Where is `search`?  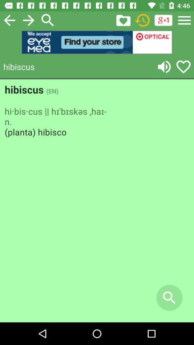 search is located at coordinates (48, 20).